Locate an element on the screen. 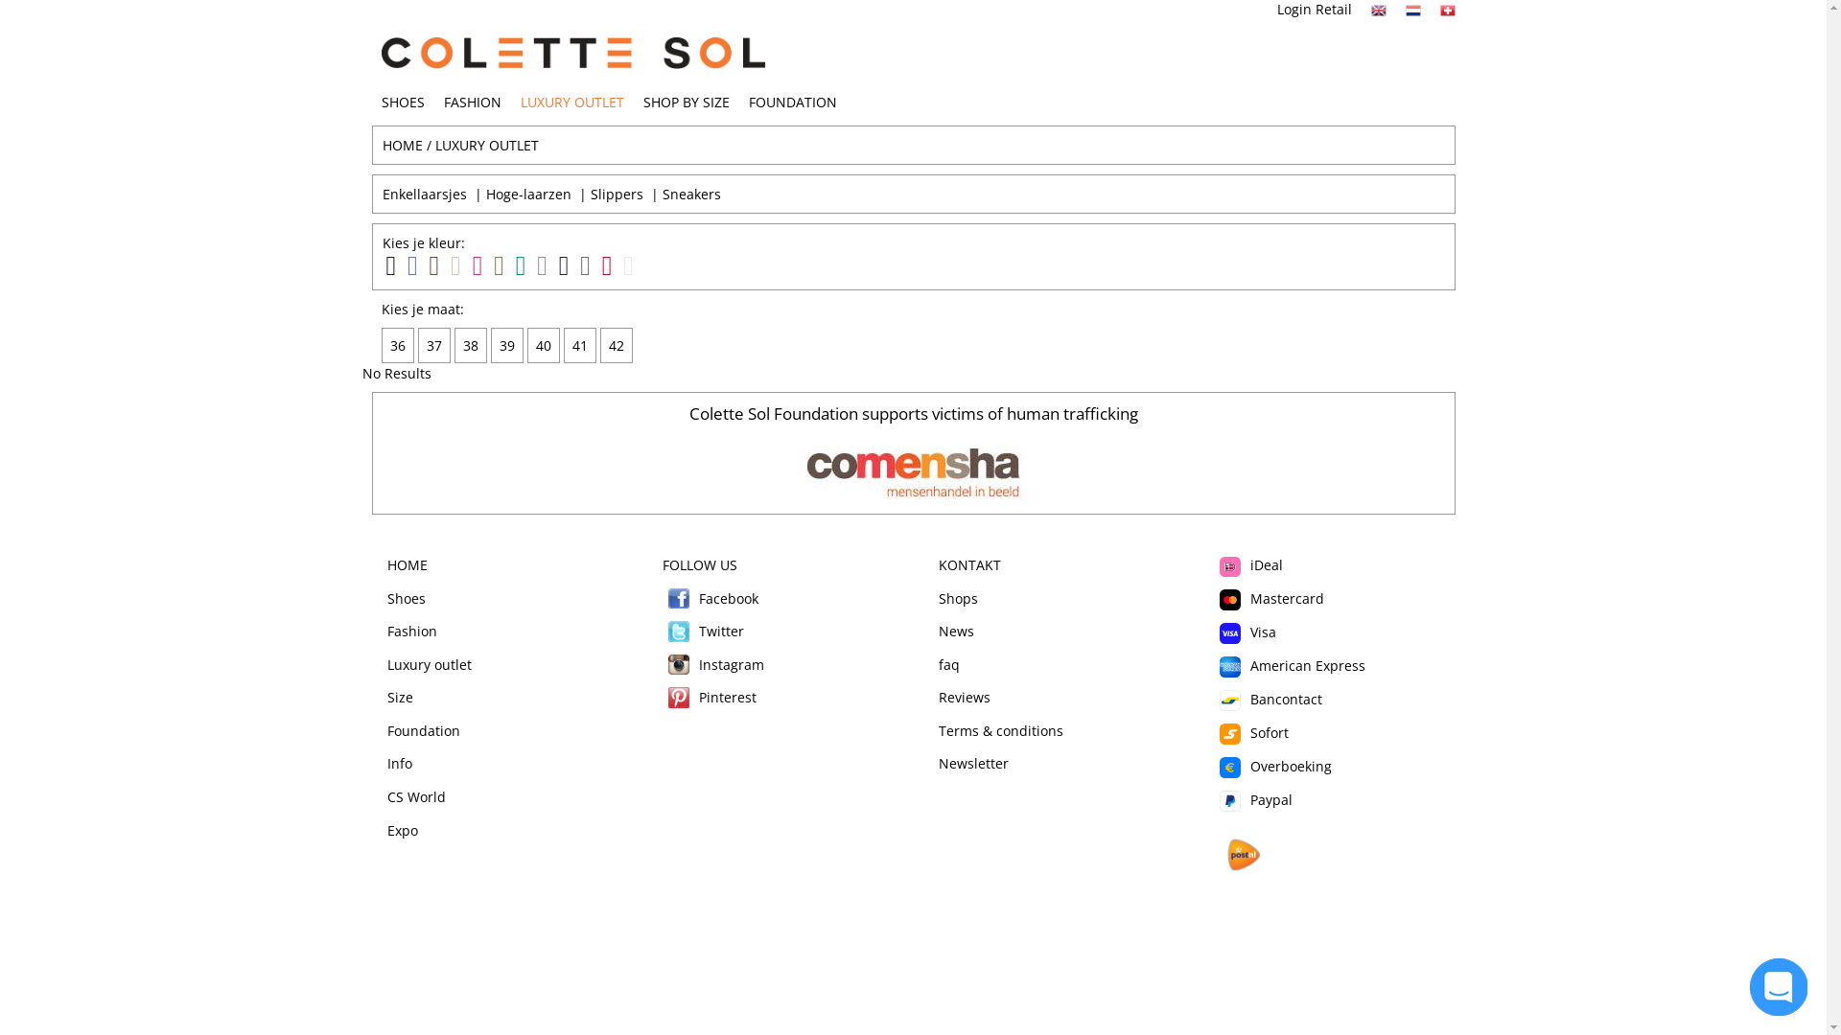  'Facebook' is located at coordinates (679, 597).